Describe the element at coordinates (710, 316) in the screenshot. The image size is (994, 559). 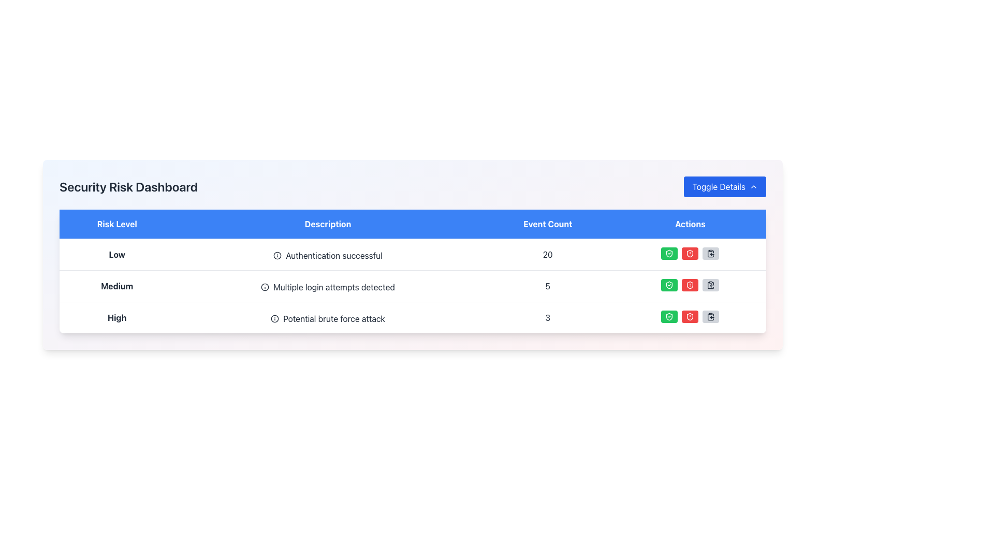
I see `the rounded rectangle button with a gray background and clipboard icon, located in the 'Actions' column as the last button for the 'High' risk level entry` at that location.